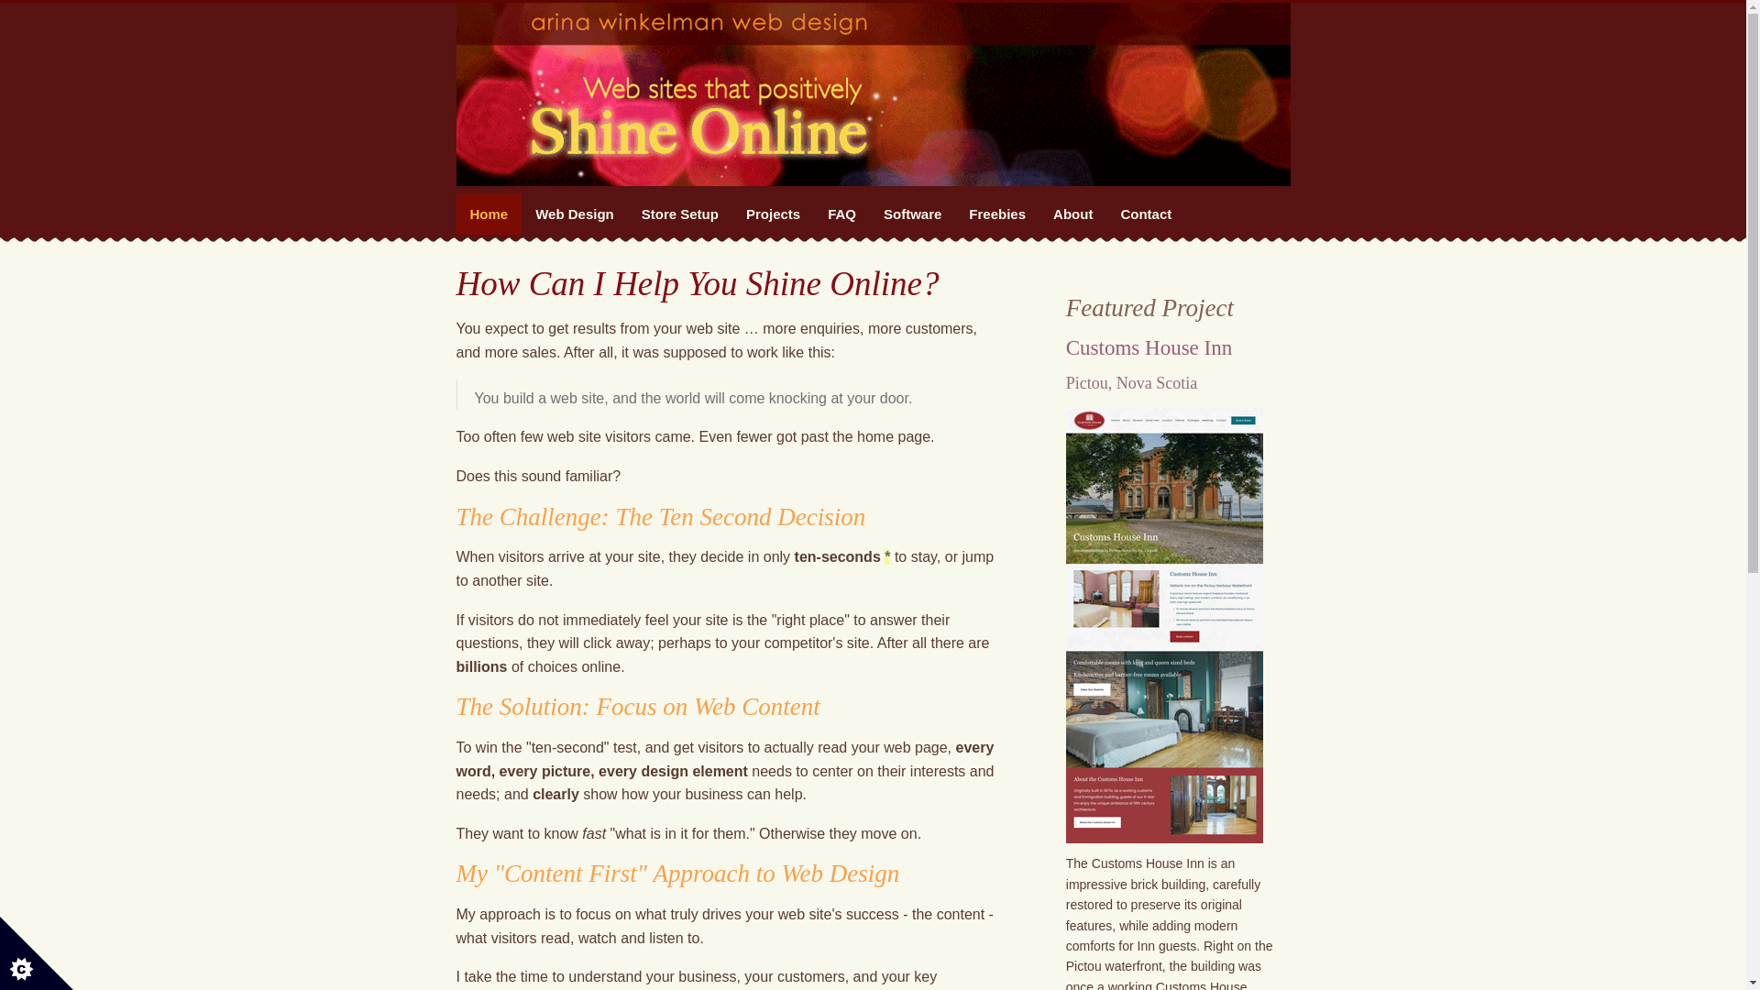 The image size is (1760, 990). I want to click on 'About', so click(1072, 213).